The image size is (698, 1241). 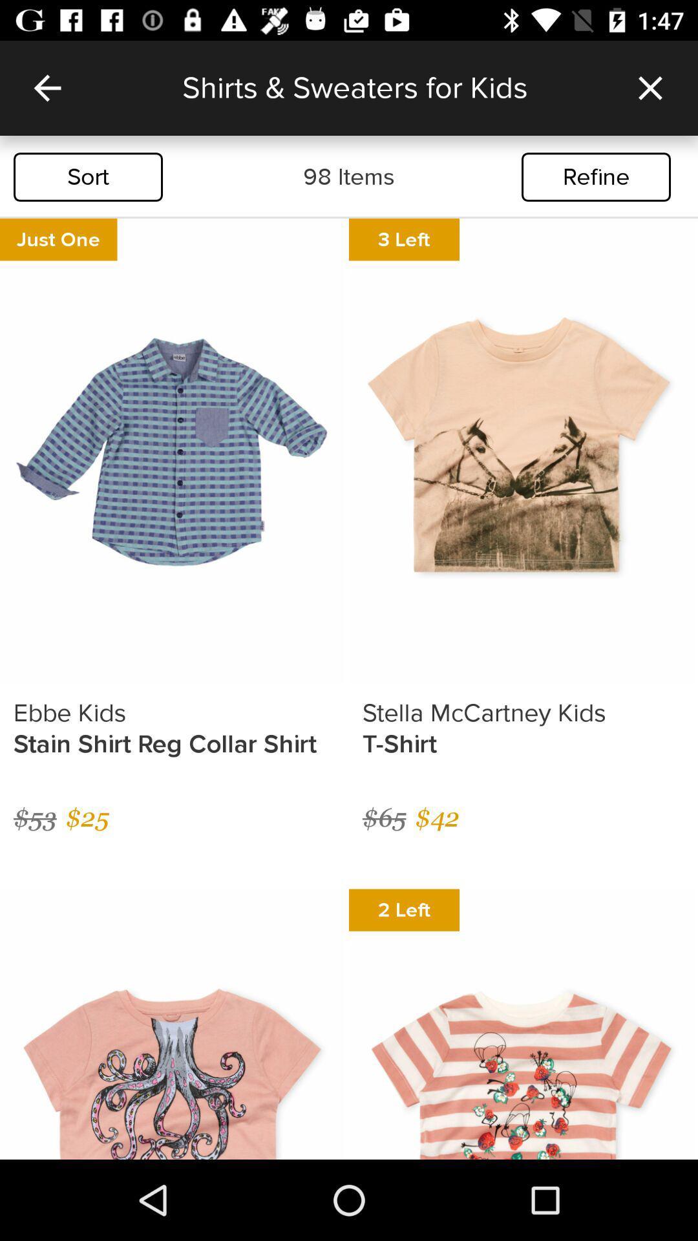 I want to click on icon to the left of the shirts sweaters for icon, so click(x=47, y=87).